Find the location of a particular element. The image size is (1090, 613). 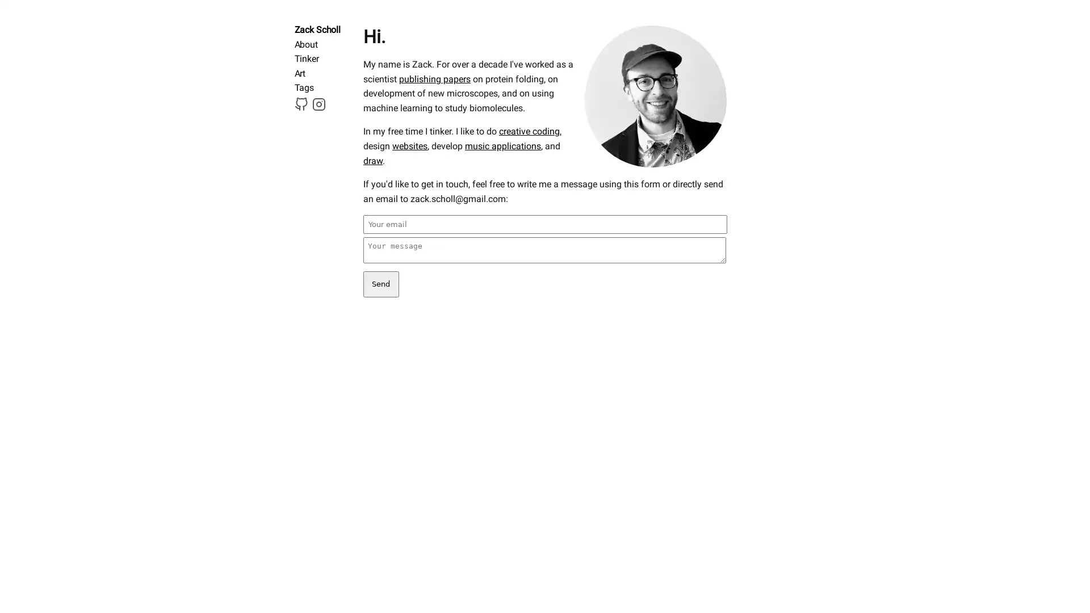

Send is located at coordinates (381, 283).